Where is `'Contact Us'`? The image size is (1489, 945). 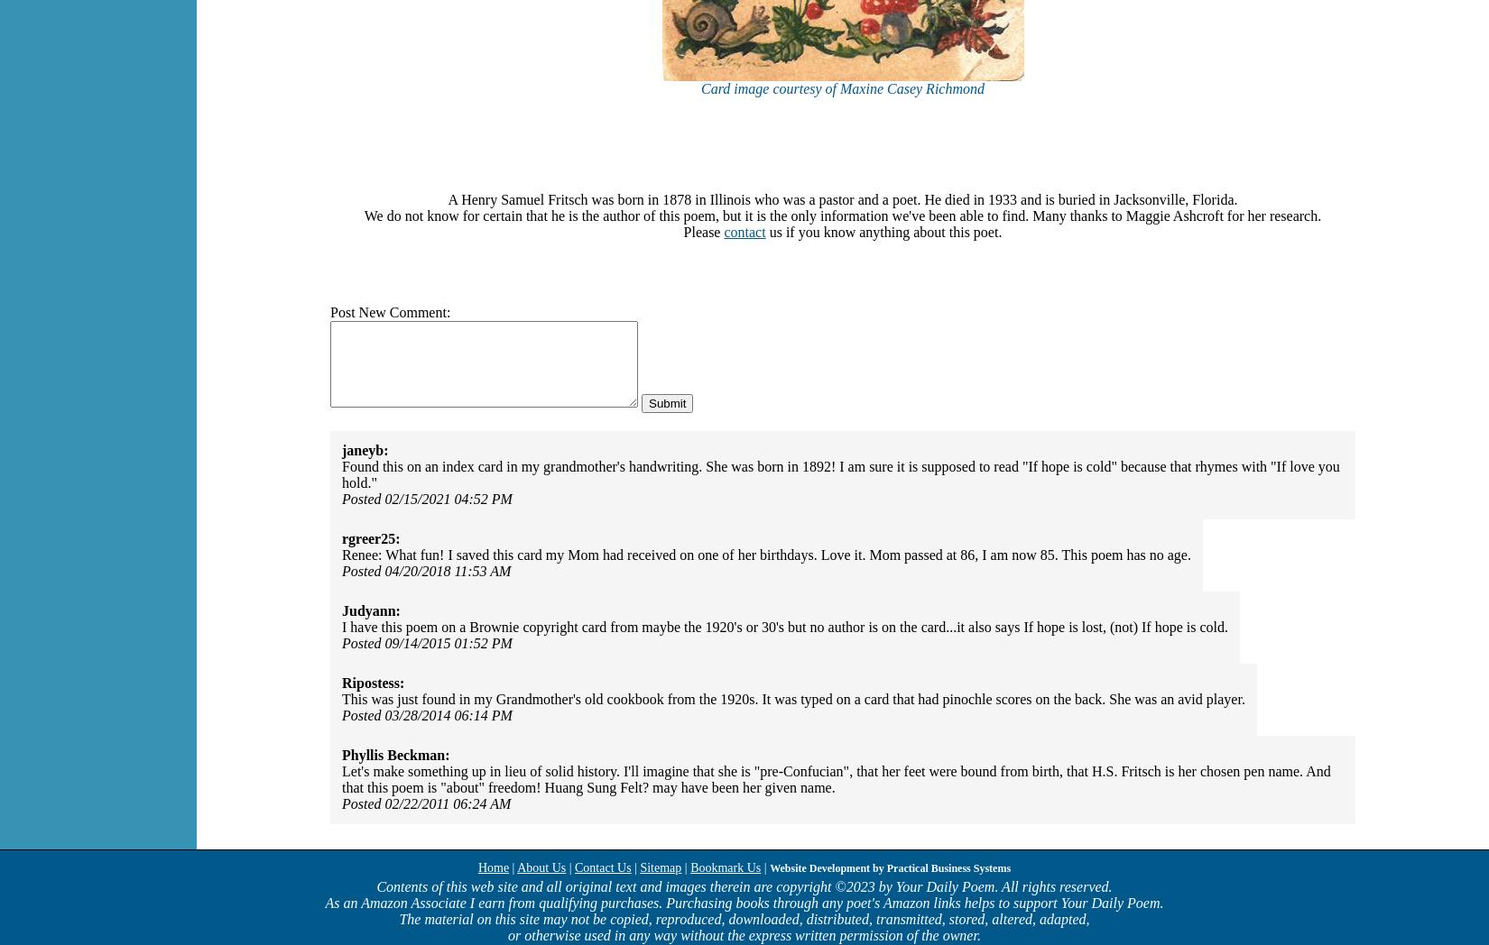
'Contact Us' is located at coordinates (574, 867).